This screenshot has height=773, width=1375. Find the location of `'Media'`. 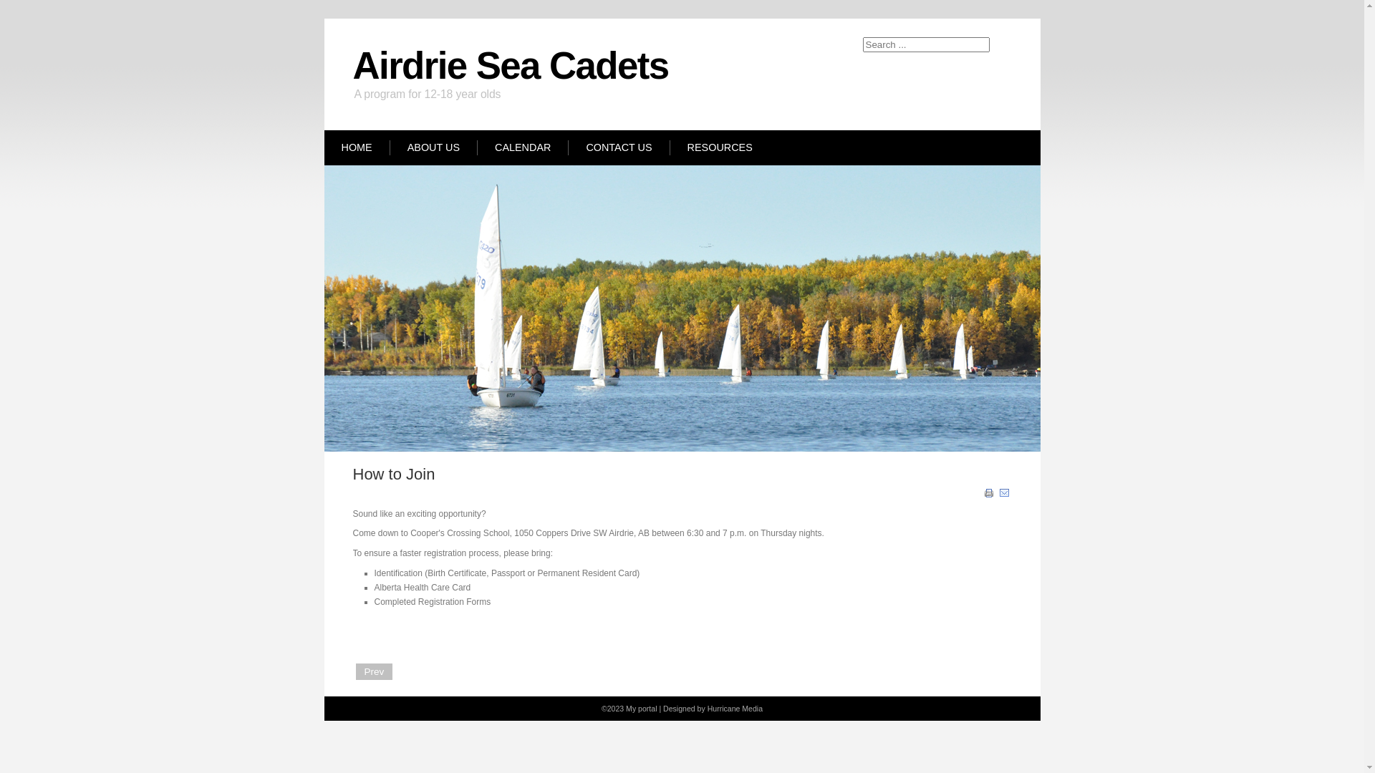

'Media' is located at coordinates (751, 709).